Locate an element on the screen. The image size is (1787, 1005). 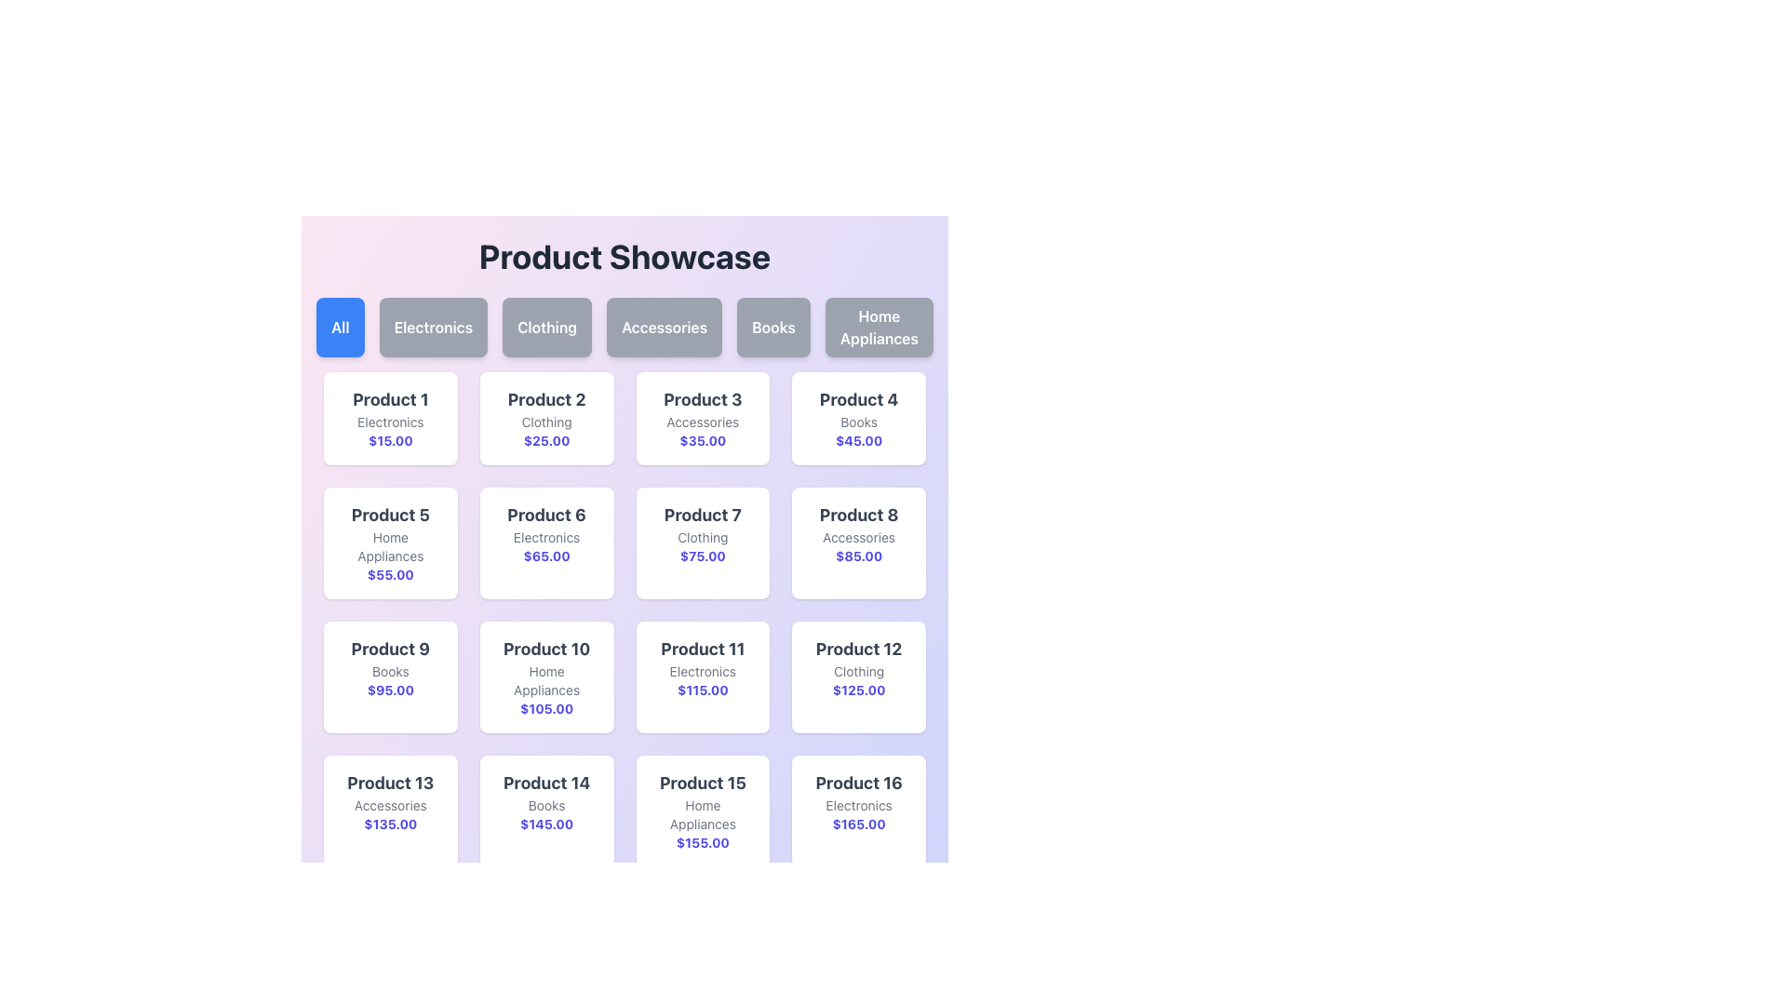
the first button in the horizontally aligned set beneath the 'Product Showcase' banner is located at coordinates (340, 326).